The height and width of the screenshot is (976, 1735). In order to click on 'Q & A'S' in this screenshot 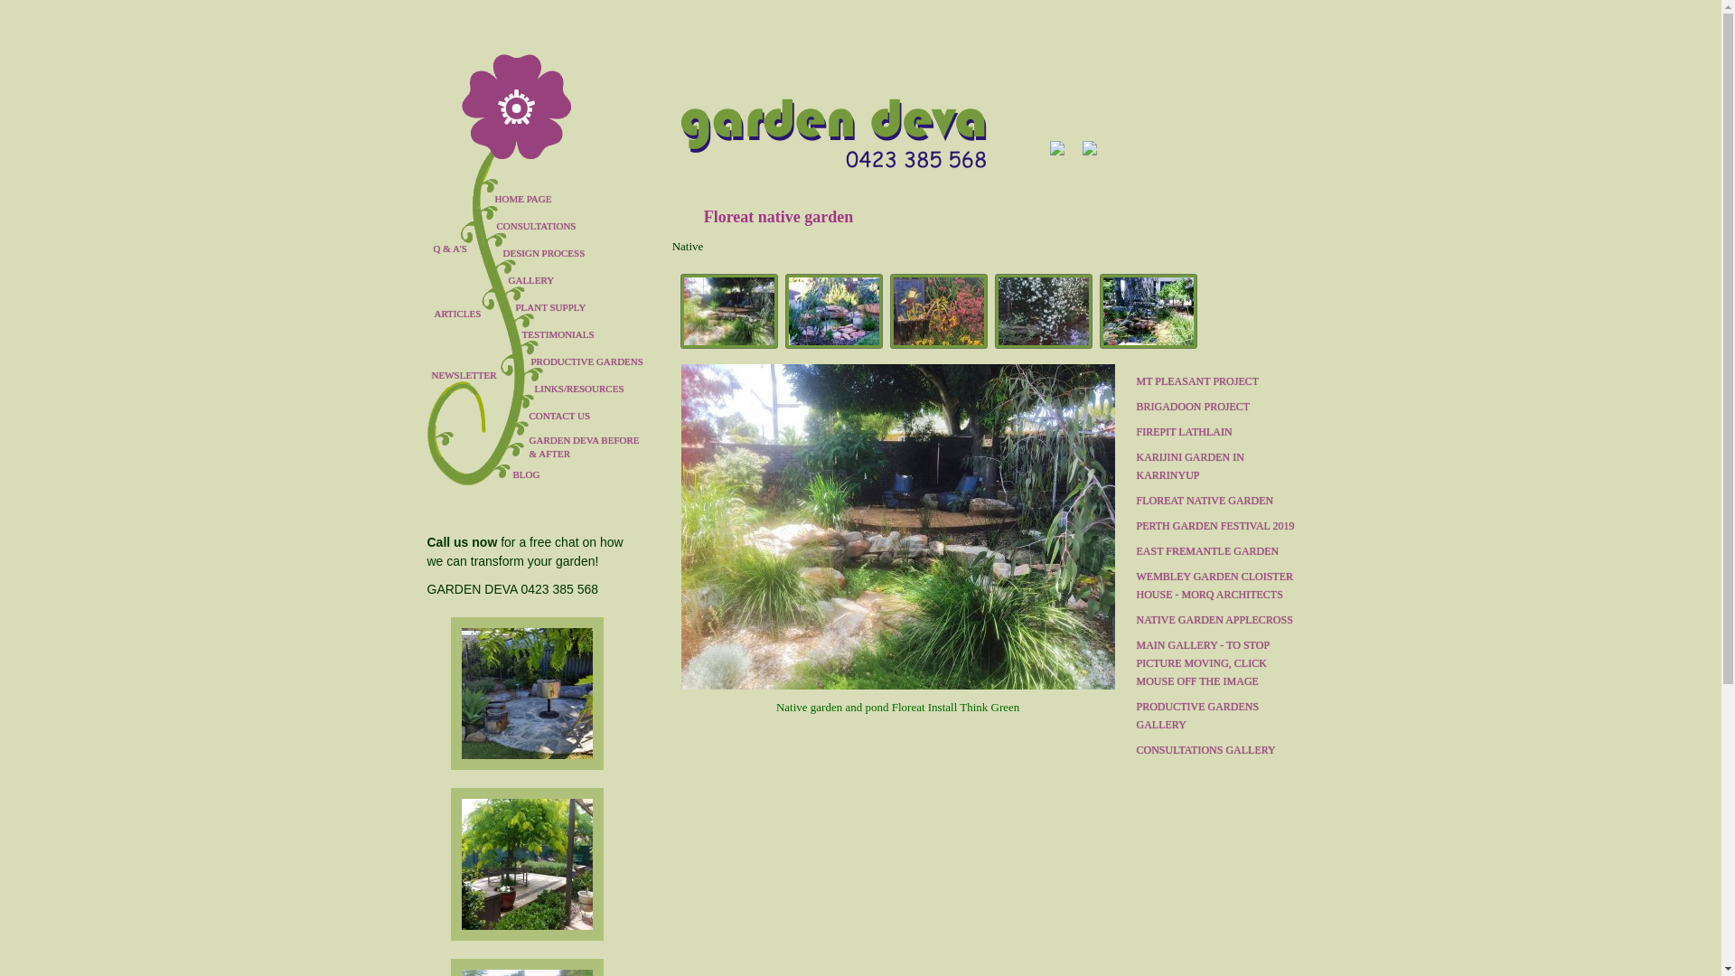, I will do `click(450, 248)`.